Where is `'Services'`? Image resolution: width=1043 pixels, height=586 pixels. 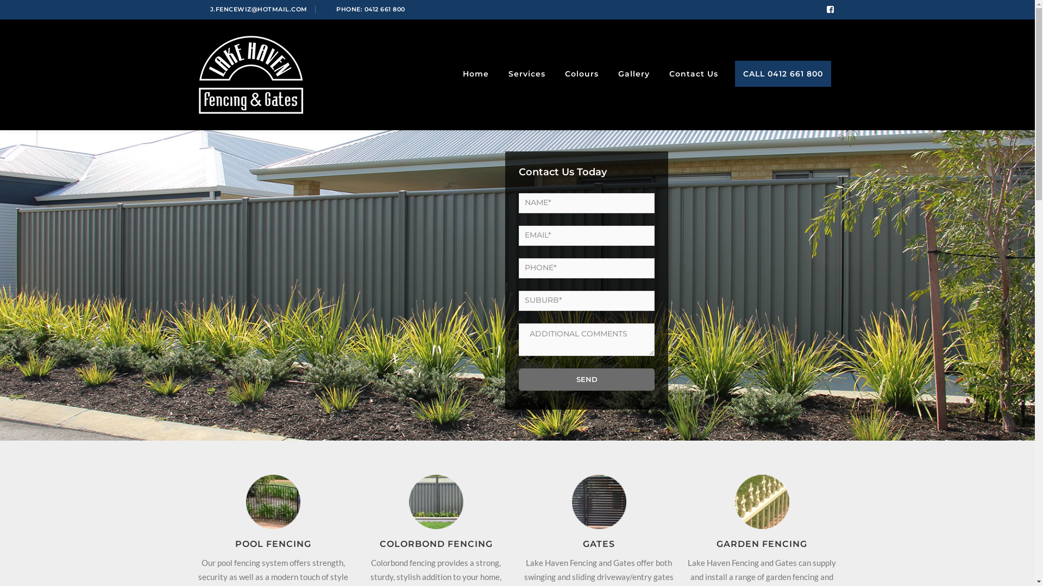
'Services' is located at coordinates (505, 73).